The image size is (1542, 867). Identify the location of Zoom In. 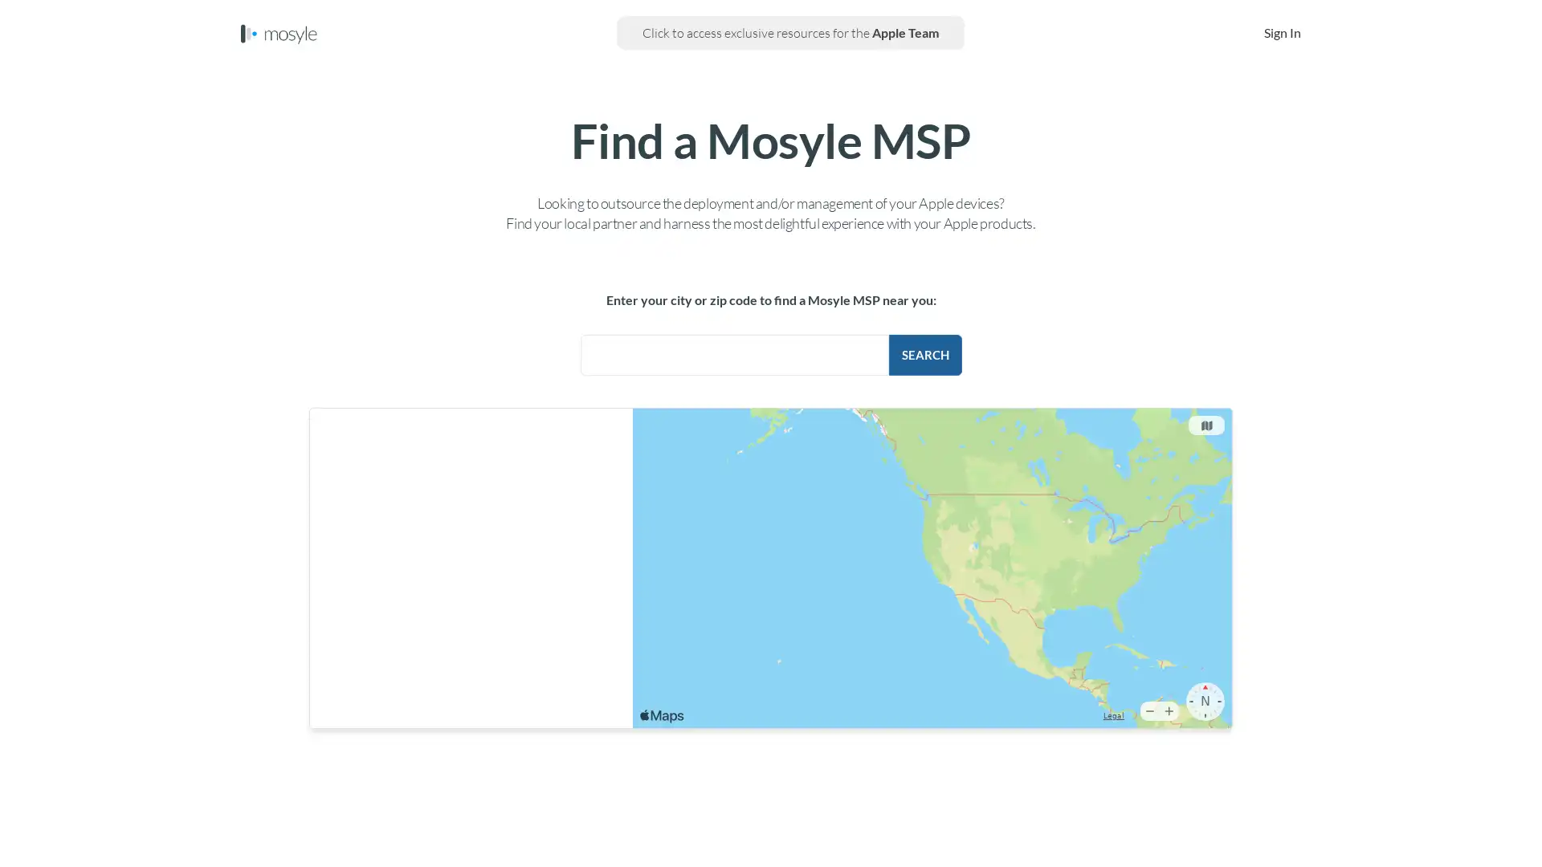
(1168, 710).